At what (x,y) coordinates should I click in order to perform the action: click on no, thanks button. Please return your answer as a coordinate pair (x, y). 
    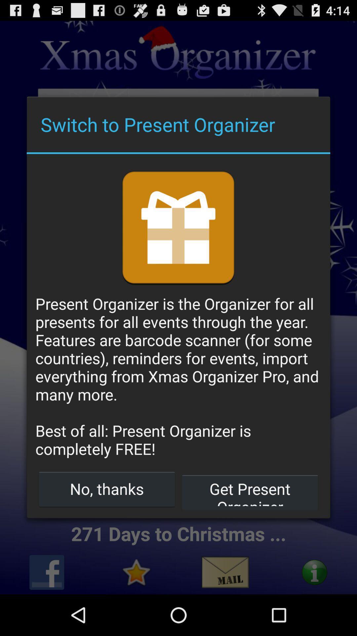
    Looking at the image, I should click on (106, 489).